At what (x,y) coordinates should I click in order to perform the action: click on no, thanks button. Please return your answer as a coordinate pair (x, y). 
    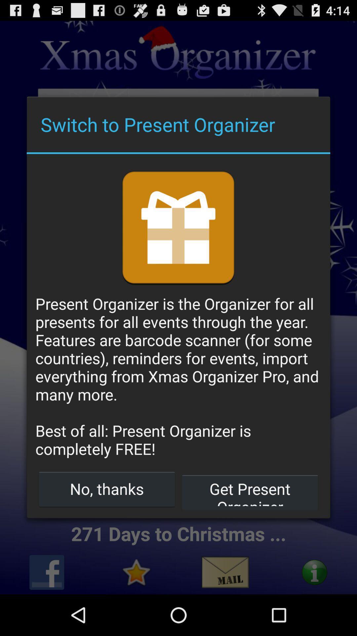
    Looking at the image, I should click on (106, 489).